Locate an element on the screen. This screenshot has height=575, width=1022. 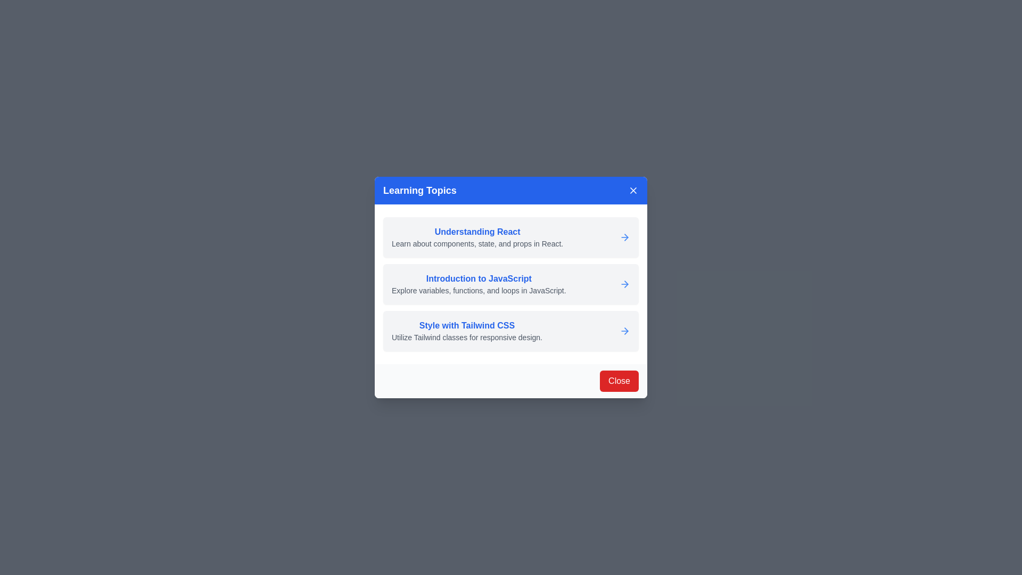
the clickable item titled 'Introduction to JavaScript' in the 'Learning Topics' modal dialog is located at coordinates (511, 283).